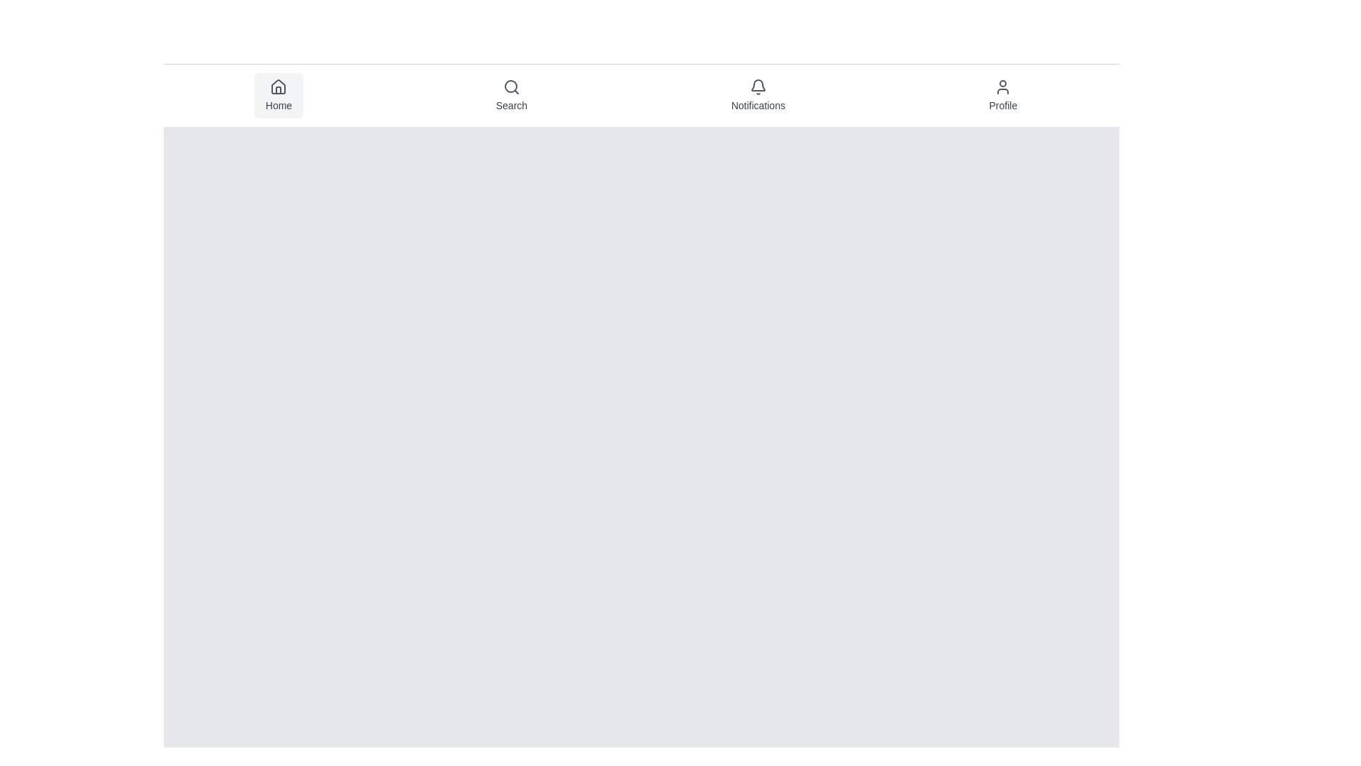  Describe the element at coordinates (1002, 96) in the screenshot. I see `the 'Profile' navigation button` at that location.